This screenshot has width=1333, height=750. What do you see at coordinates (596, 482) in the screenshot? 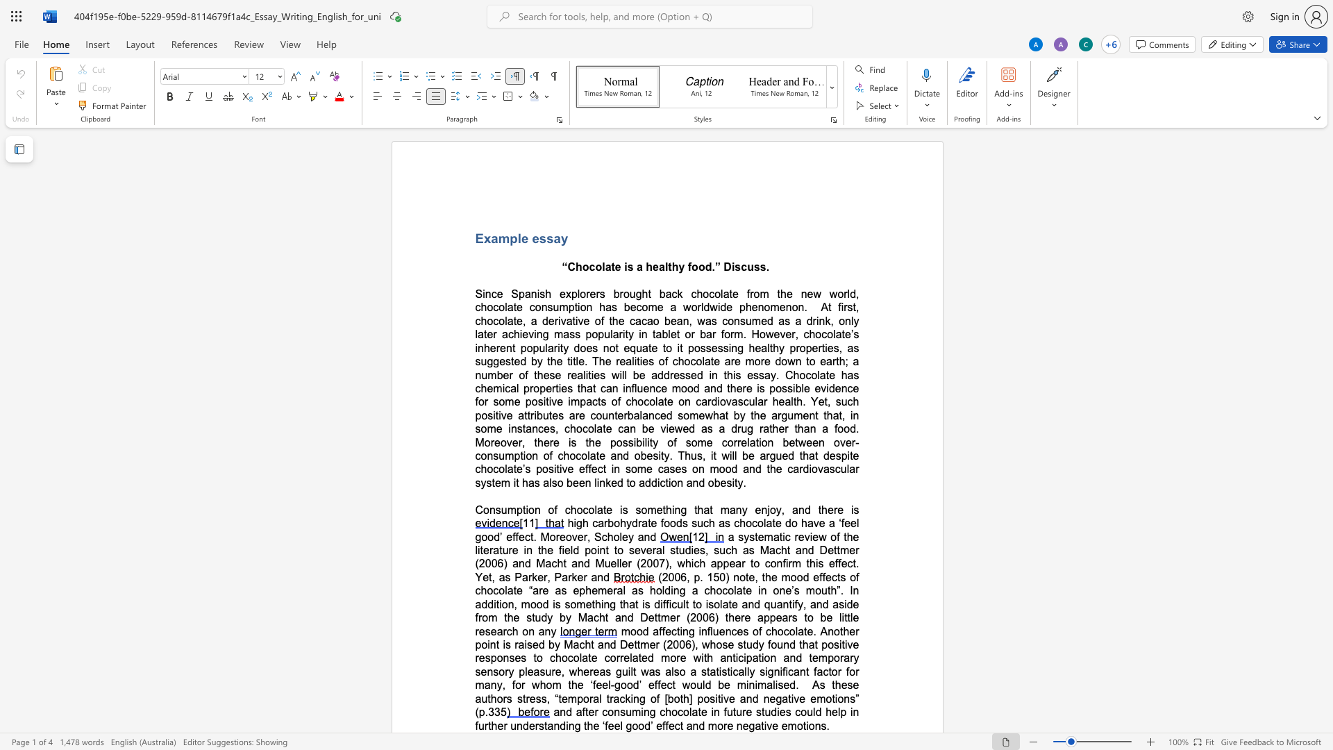
I see `the space between the continuous character "l" and "i" in the text` at bounding box center [596, 482].